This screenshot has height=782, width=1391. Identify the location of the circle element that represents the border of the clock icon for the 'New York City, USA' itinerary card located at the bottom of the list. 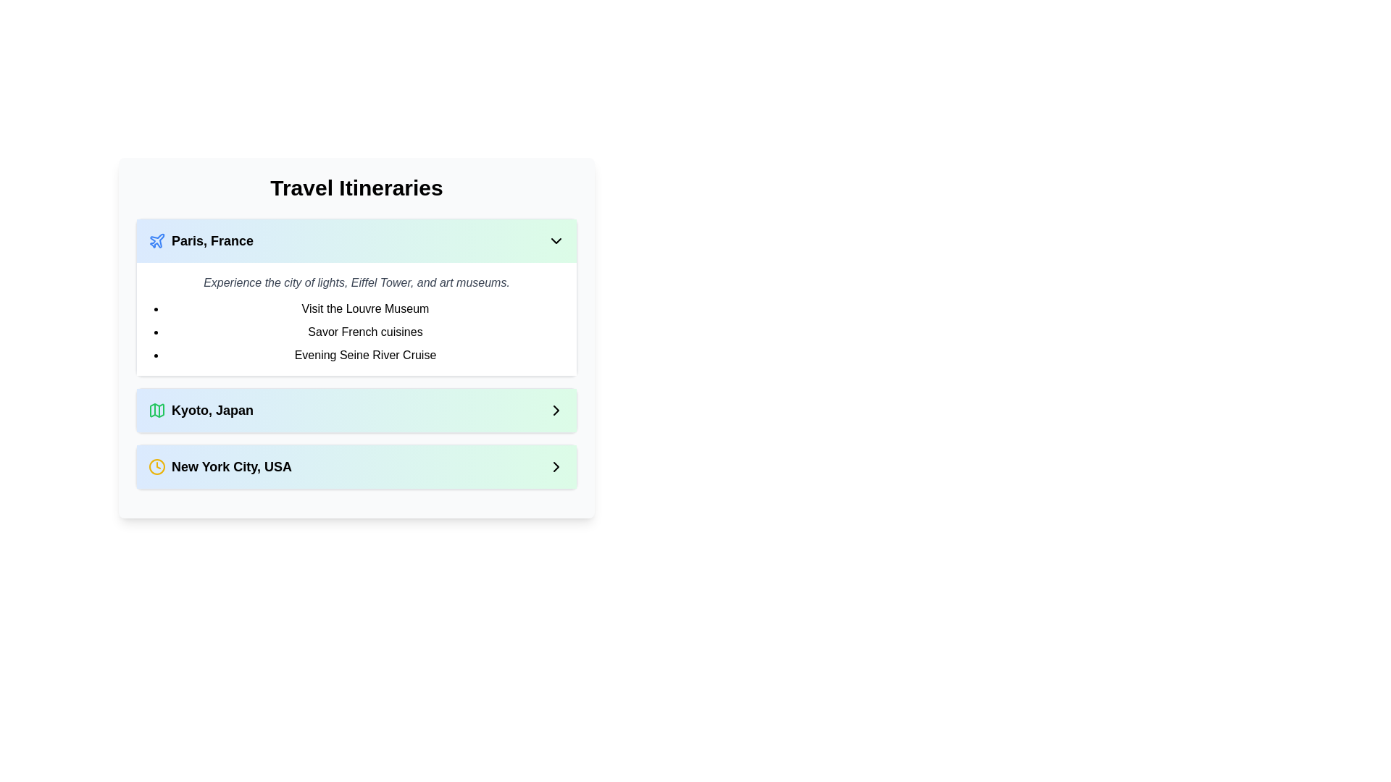
(156, 466).